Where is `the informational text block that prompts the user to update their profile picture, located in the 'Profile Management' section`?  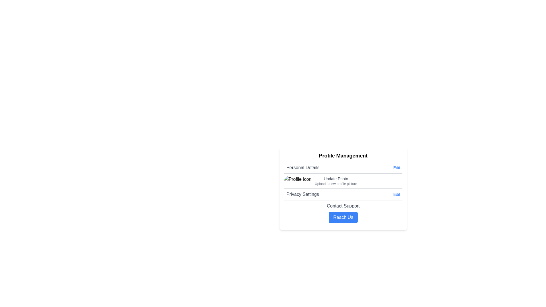 the informational text block that prompts the user to update their profile picture, located in the 'Profile Management' section is located at coordinates (336, 181).